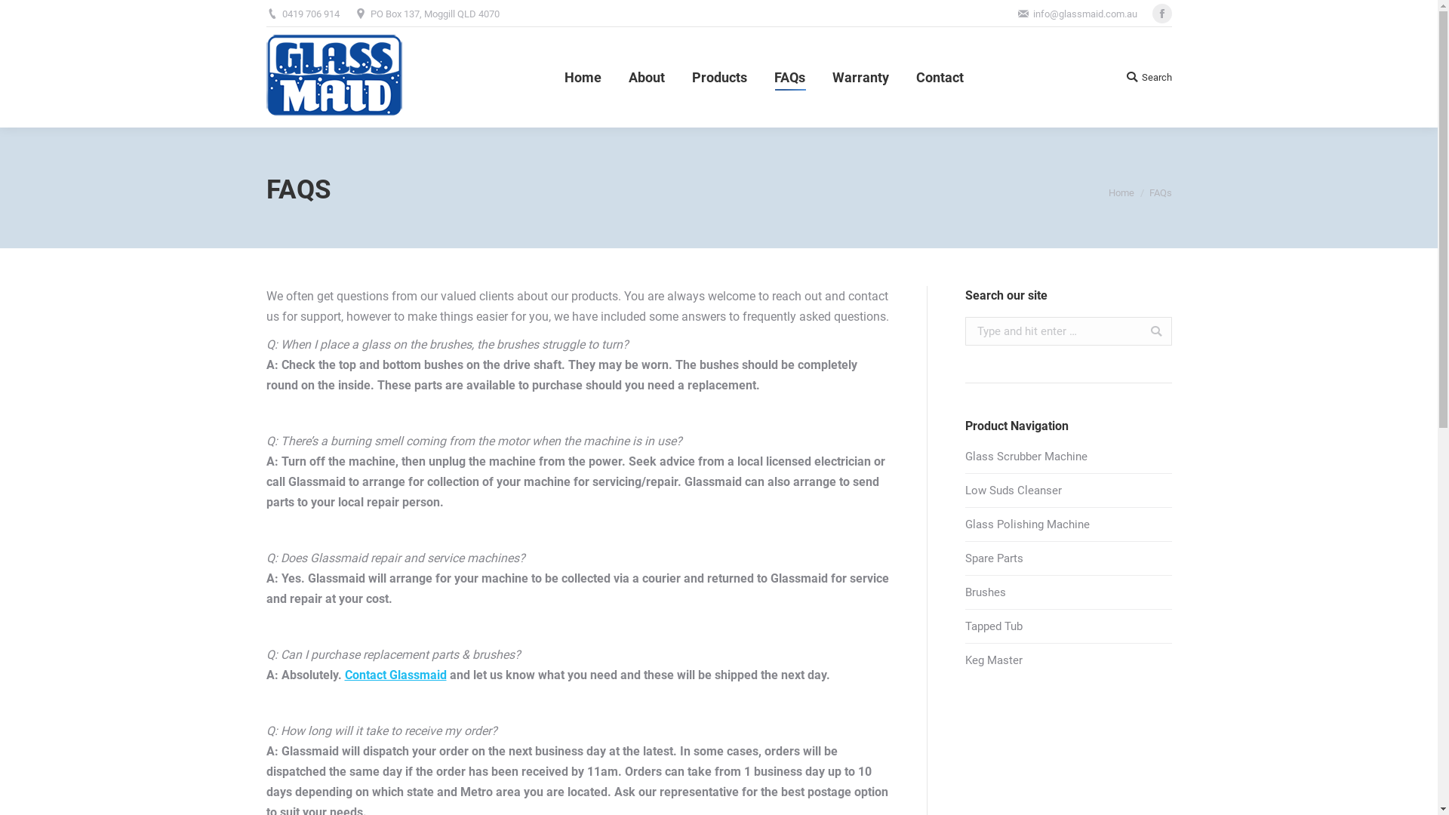  What do you see at coordinates (992, 660) in the screenshot?
I see `'Keg Master'` at bounding box center [992, 660].